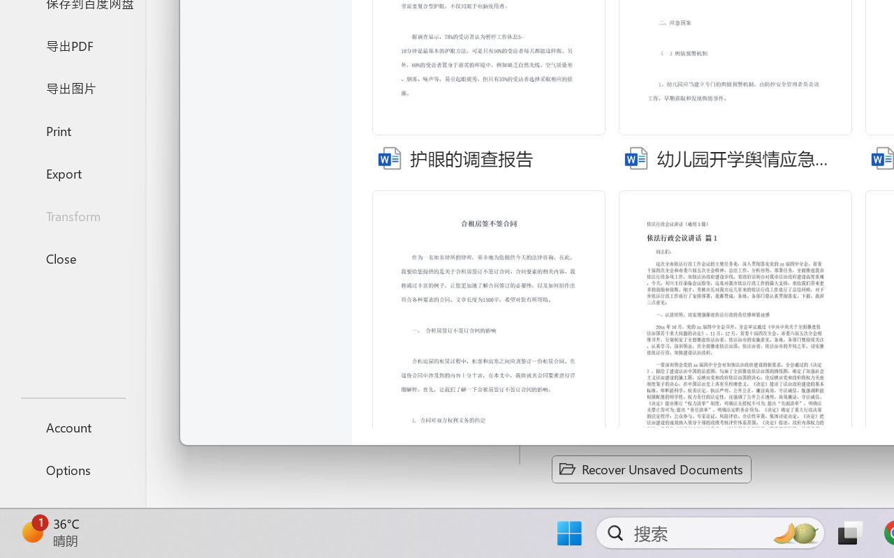 This screenshot has height=558, width=894. What do you see at coordinates (72, 427) in the screenshot?
I see `'Account'` at bounding box center [72, 427].